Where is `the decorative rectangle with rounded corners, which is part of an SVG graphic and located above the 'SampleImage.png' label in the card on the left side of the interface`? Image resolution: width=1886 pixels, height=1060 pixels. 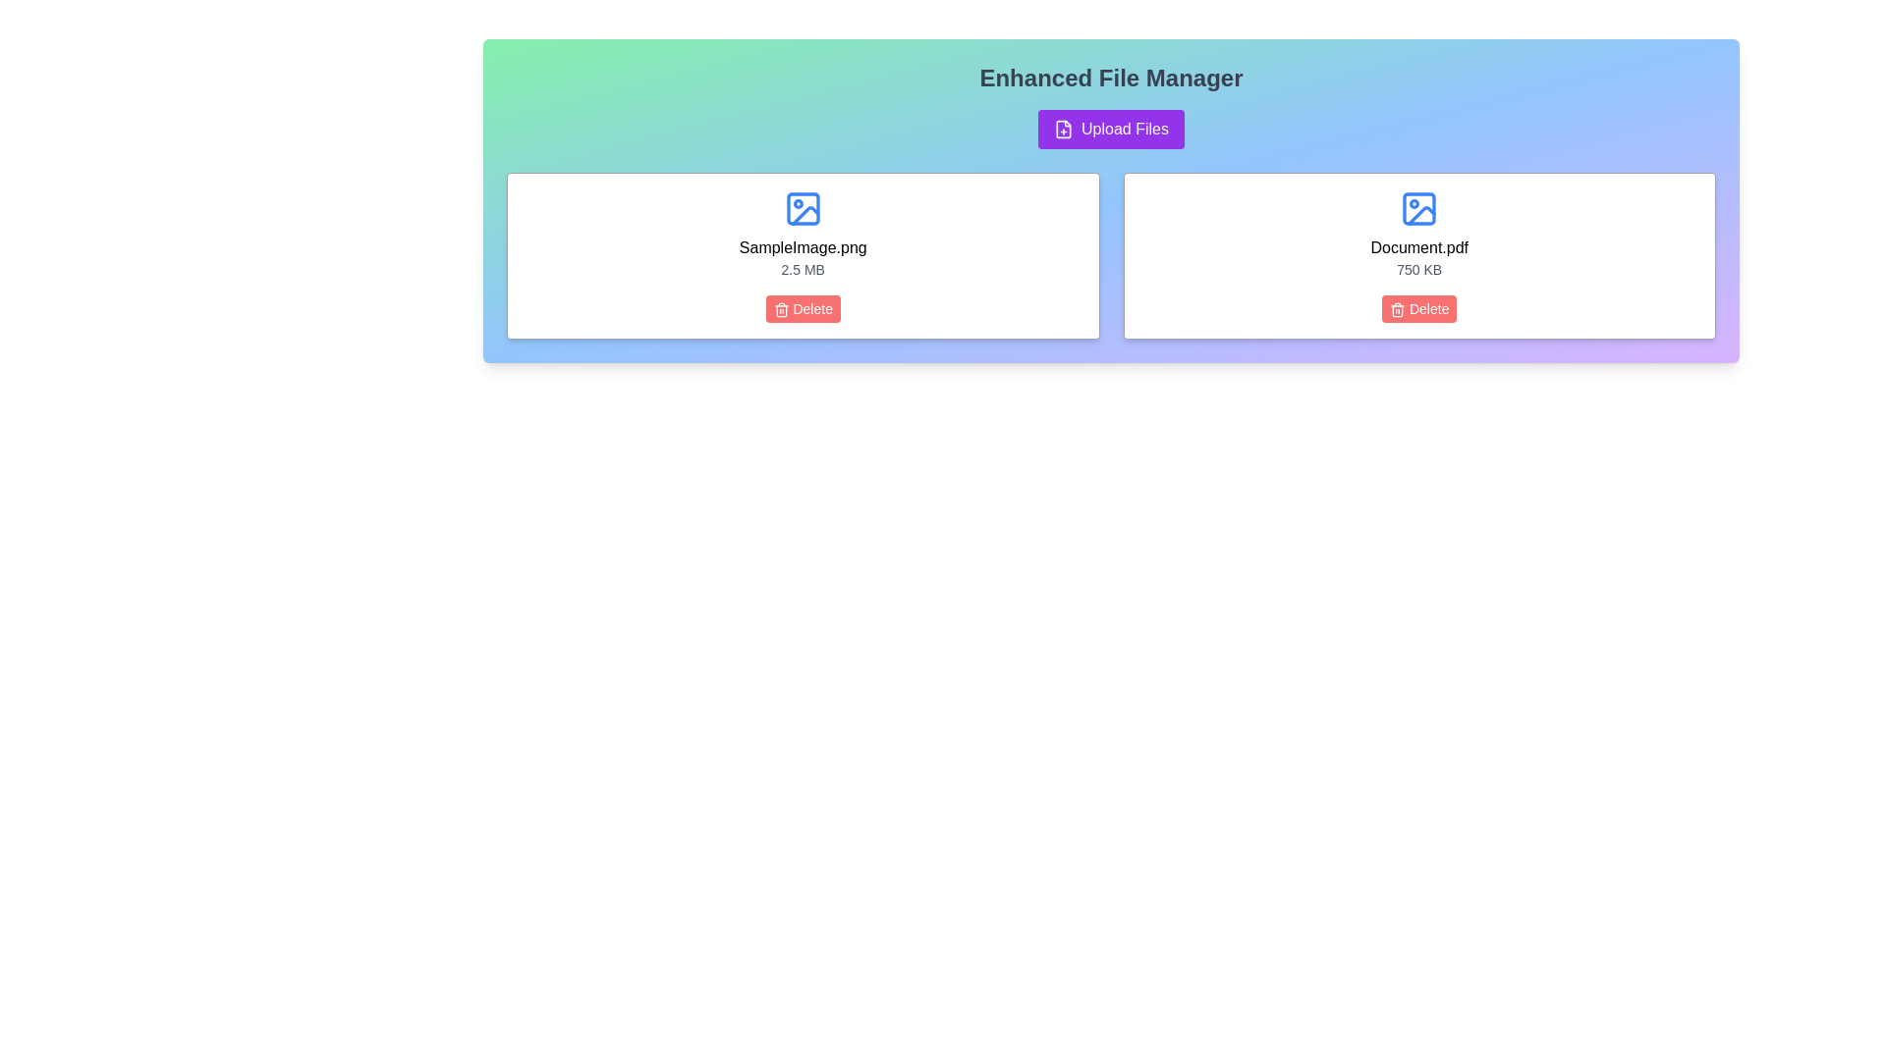
the decorative rectangle with rounded corners, which is part of an SVG graphic and located above the 'SampleImage.png' label in the card on the left side of the interface is located at coordinates (803, 208).